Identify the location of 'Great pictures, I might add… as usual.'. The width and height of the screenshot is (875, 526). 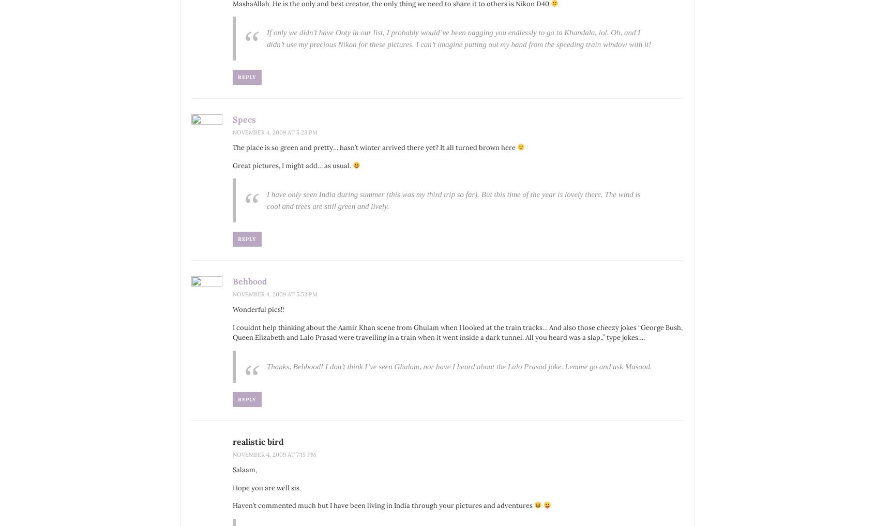
(292, 165).